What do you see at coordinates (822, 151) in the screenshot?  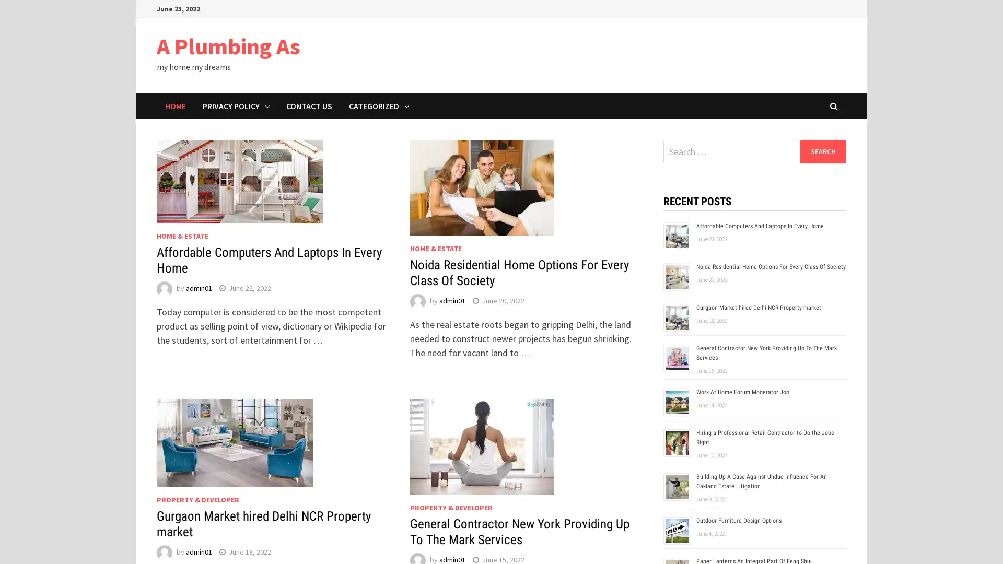 I see `Search` at bounding box center [822, 151].